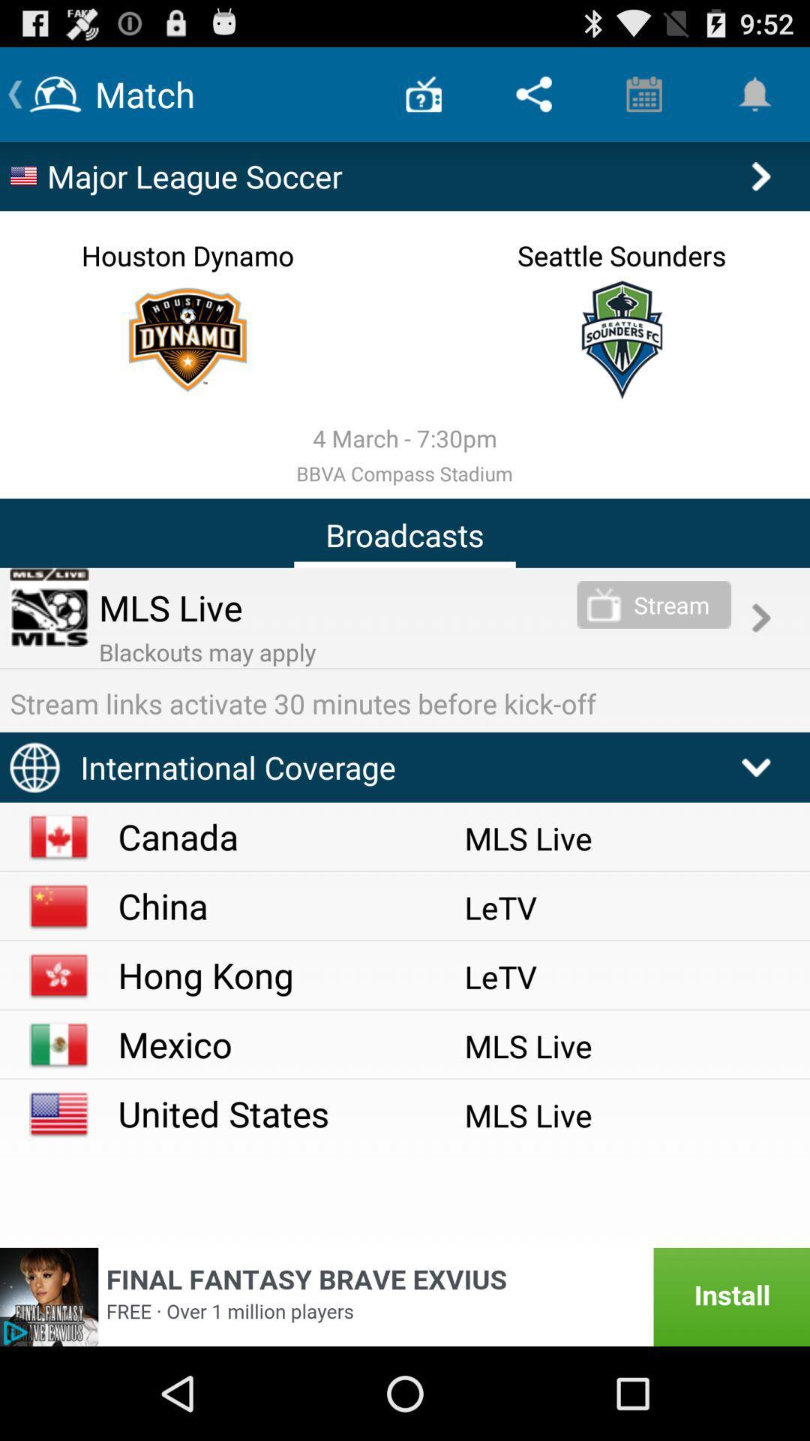  I want to click on install final fantasy brave exvius, so click(405, 1296).